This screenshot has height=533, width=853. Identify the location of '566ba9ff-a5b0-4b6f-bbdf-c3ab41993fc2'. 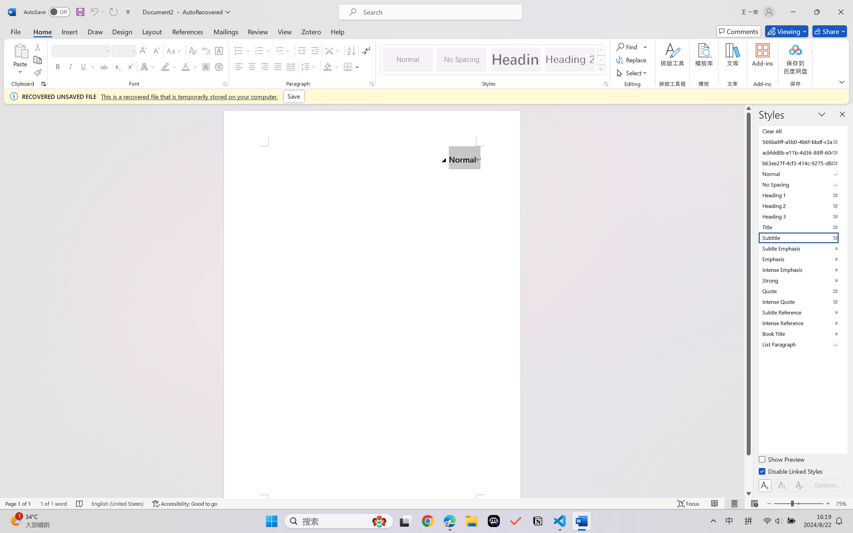
(802, 141).